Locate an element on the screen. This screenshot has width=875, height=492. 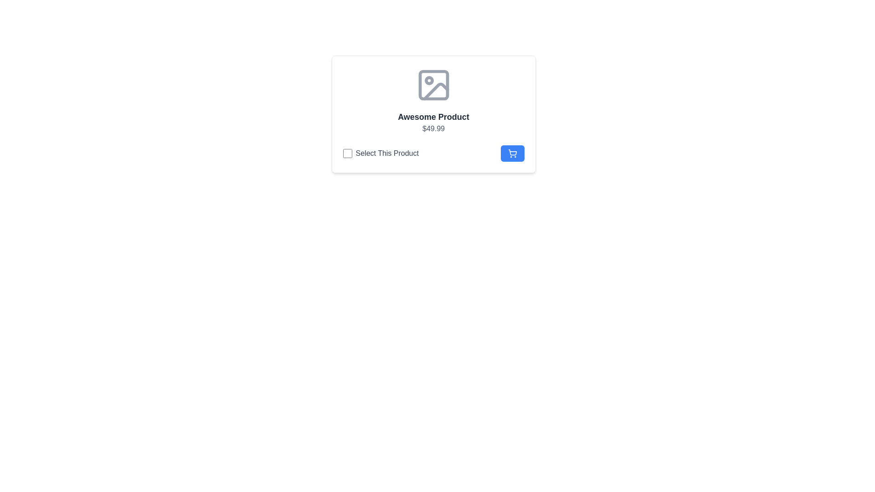
the circular icon located within the image placeholder near the top center of the layout is located at coordinates (428, 80).